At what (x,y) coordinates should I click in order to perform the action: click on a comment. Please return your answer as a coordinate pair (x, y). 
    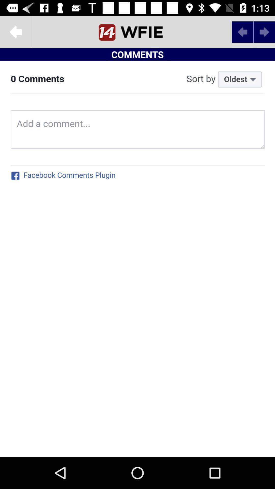
    Looking at the image, I should click on (137, 259).